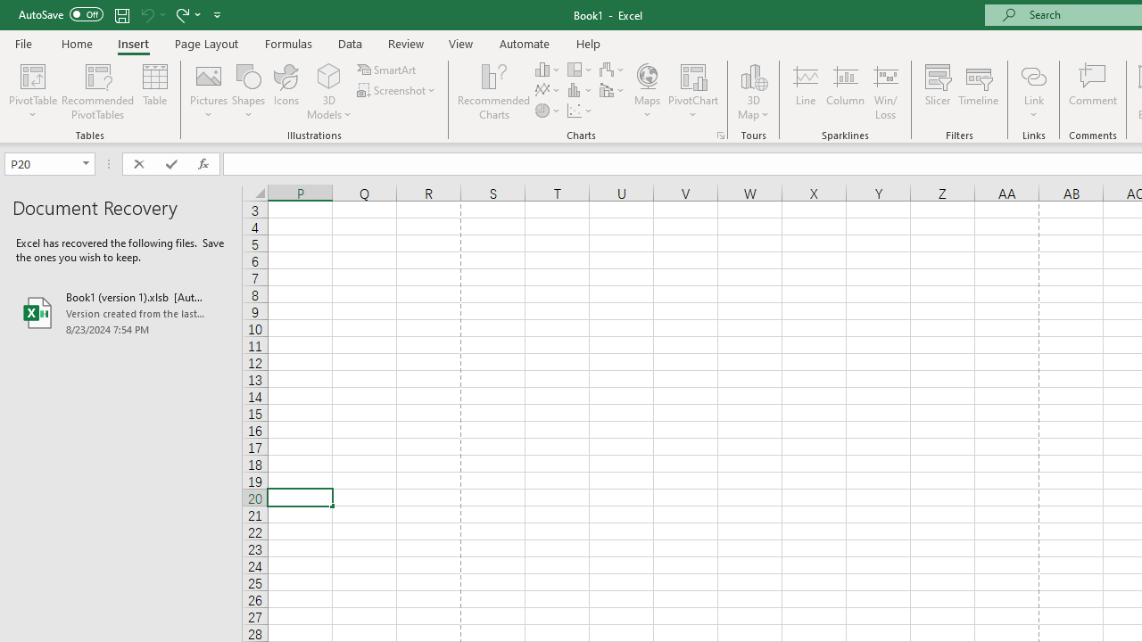 The image size is (1142, 642). I want to click on 'Recommended PivotTables', so click(97, 92).